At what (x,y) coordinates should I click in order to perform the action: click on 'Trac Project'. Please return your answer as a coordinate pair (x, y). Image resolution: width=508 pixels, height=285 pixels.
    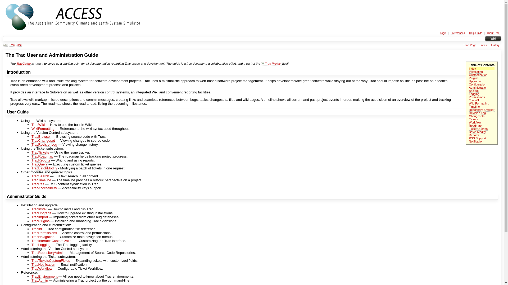
    Looking at the image, I should click on (271, 63).